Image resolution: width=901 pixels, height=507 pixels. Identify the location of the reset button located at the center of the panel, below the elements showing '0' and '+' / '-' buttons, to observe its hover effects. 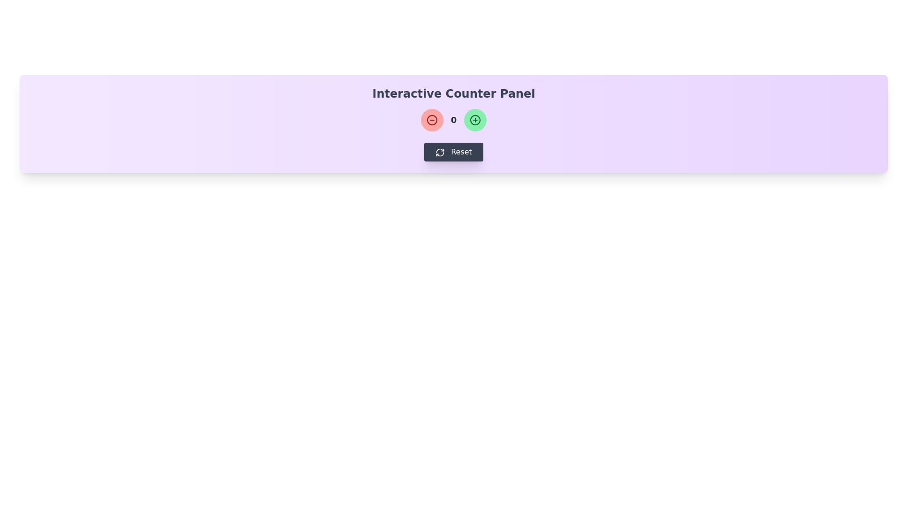
(453, 152).